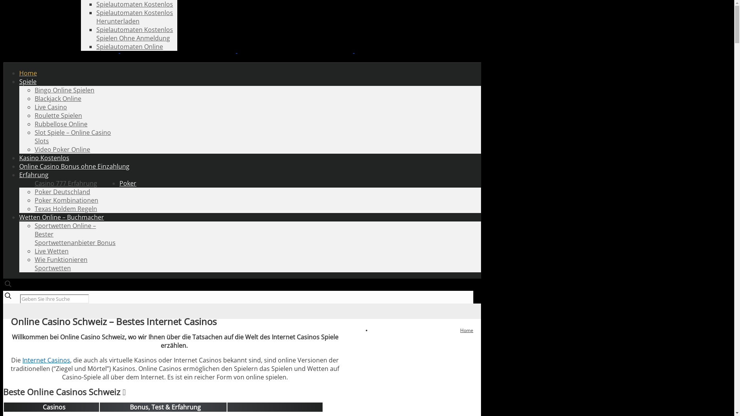  I want to click on 'Casino 777 Erfahrung', so click(66, 183).